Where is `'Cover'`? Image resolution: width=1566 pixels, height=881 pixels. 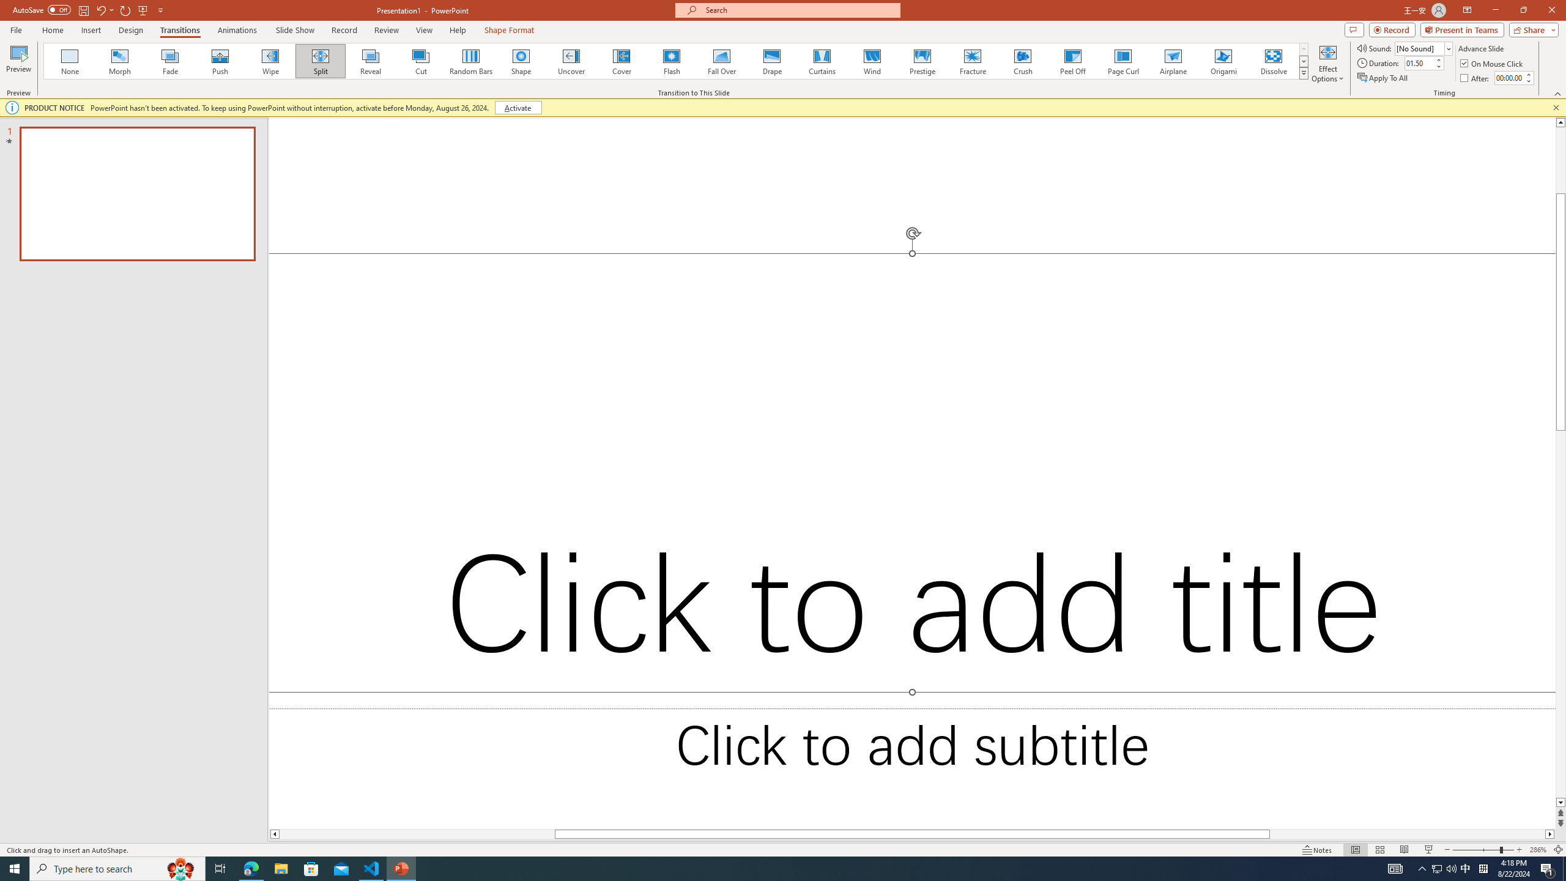 'Cover' is located at coordinates (621, 61).